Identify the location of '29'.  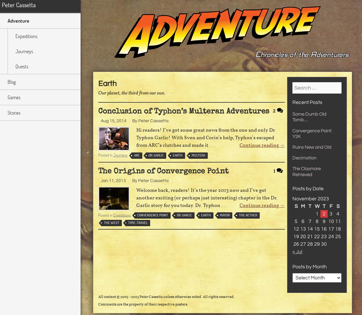
(317, 244).